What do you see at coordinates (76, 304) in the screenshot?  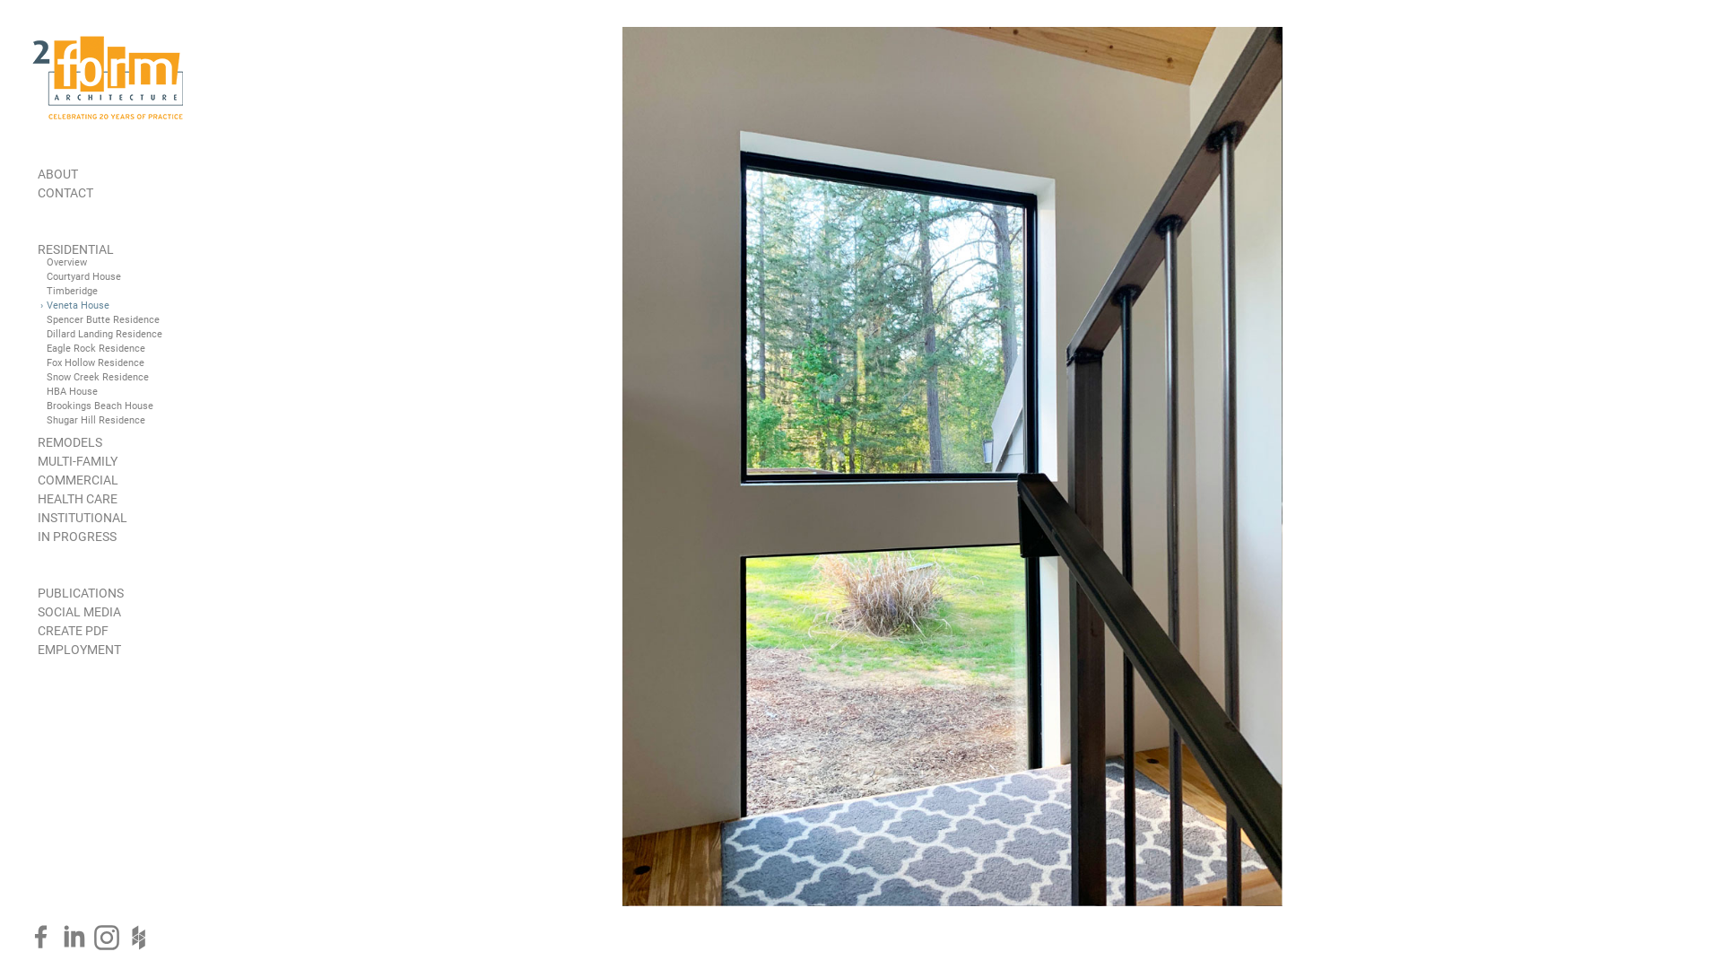 I see `'Veneta House'` at bounding box center [76, 304].